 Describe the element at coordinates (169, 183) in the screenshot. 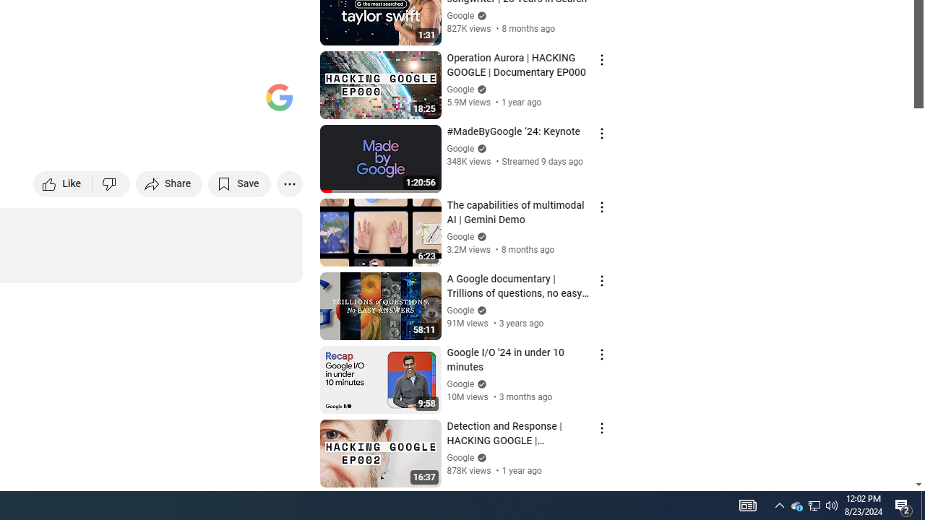

I see `'Share'` at that location.